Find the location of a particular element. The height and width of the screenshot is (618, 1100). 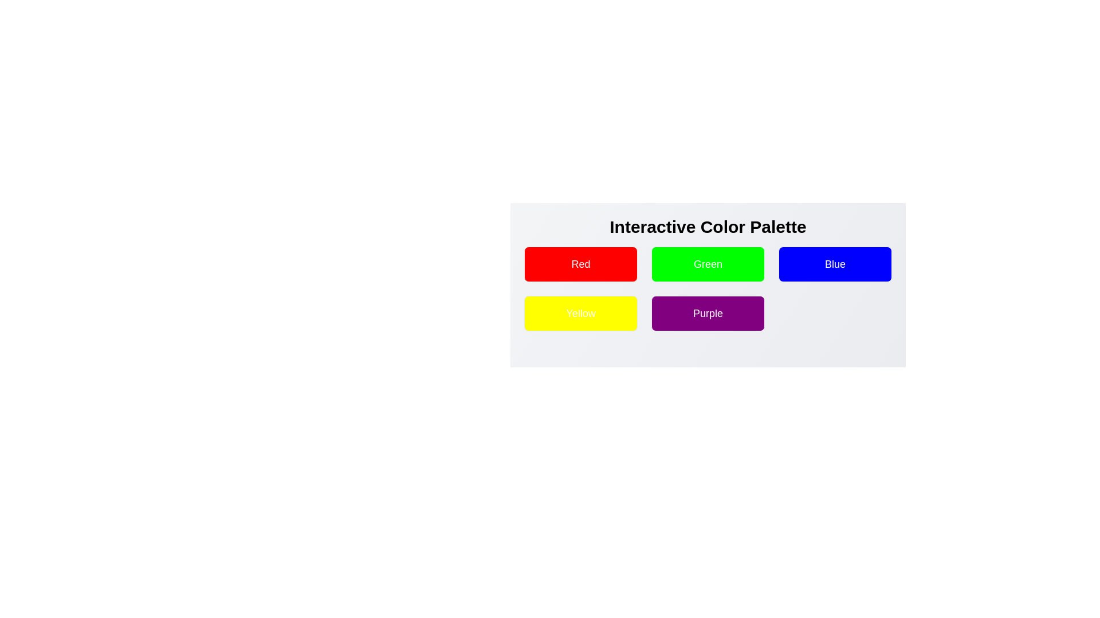

the center of the green colored box labeled 'Green' in the Interactive Color Palette to interact or select it is located at coordinates (708, 278).